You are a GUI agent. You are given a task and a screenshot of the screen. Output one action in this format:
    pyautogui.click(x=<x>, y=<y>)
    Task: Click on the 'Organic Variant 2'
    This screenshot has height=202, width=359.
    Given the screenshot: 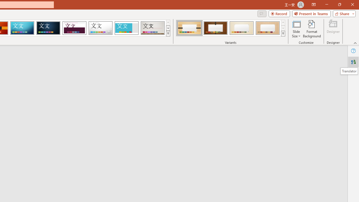 What is the action you would take?
    pyautogui.click(x=215, y=28)
    